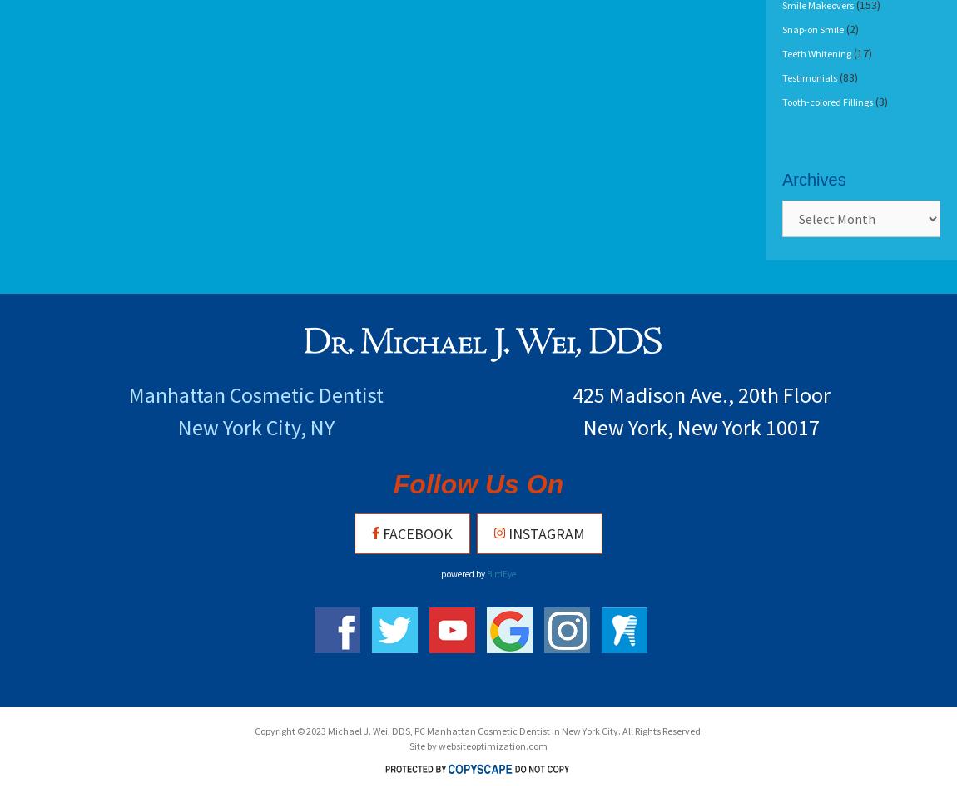 This screenshot has width=957, height=793. What do you see at coordinates (500, 573) in the screenshot?
I see `'BirdEye'` at bounding box center [500, 573].